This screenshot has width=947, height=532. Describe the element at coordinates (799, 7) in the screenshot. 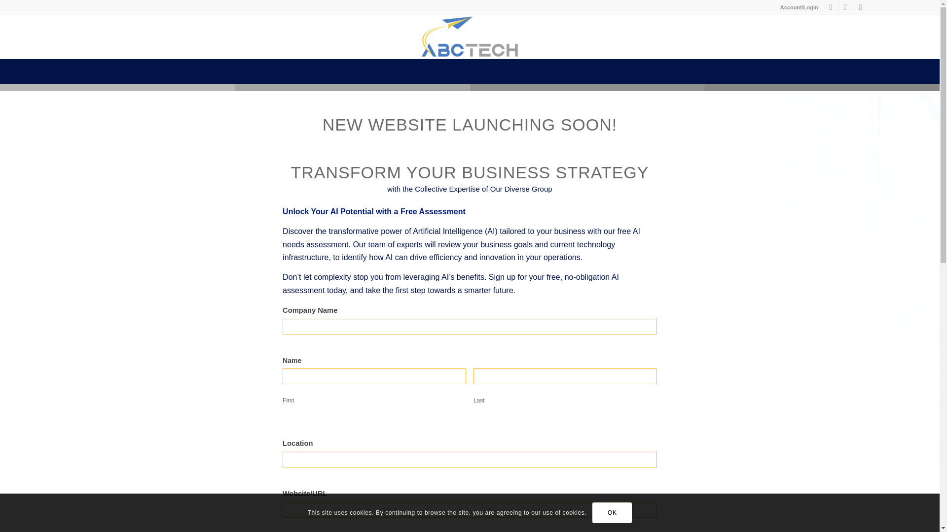

I see `'Account/Login'` at that location.